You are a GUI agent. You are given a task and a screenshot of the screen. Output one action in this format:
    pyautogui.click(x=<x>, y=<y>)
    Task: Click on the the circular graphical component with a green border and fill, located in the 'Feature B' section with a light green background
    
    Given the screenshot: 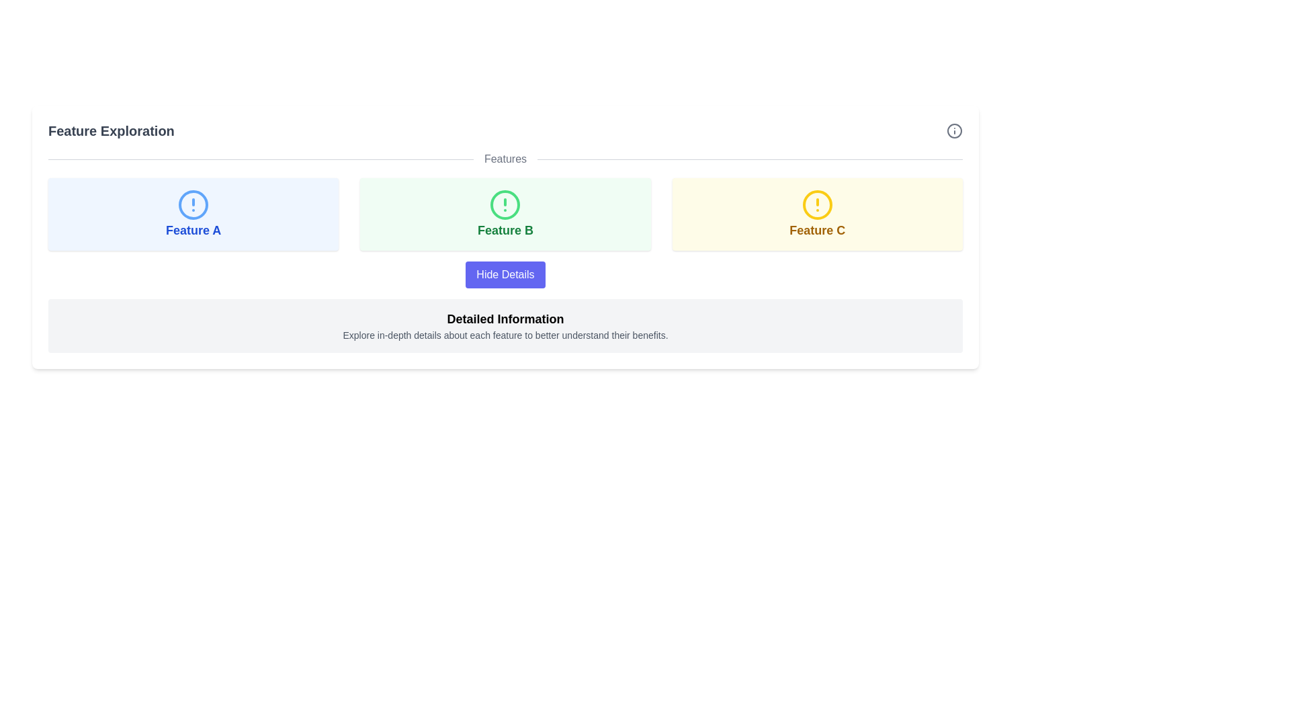 What is the action you would take?
    pyautogui.click(x=505, y=204)
    